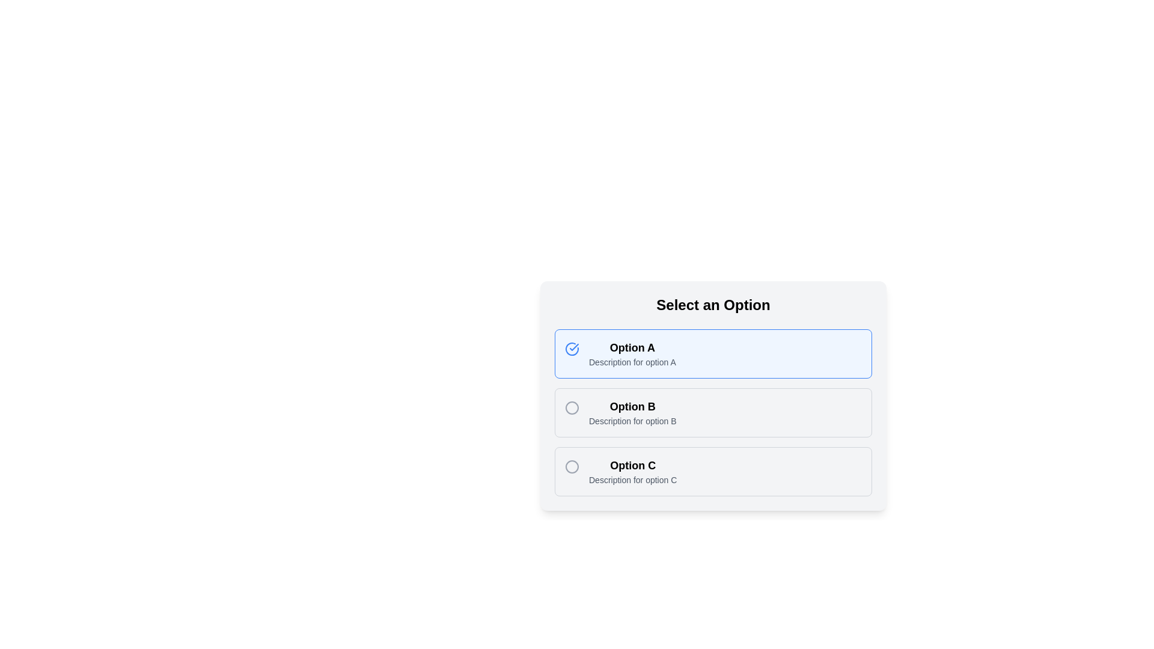 Image resolution: width=1154 pixels, height=649 pixels. Describe the element at coordinates (571, 465) in the screenshot. I see `the radio button for 'Option C', which is a circular icon with a gray border located to the left of the 'Option C' text` at that location.